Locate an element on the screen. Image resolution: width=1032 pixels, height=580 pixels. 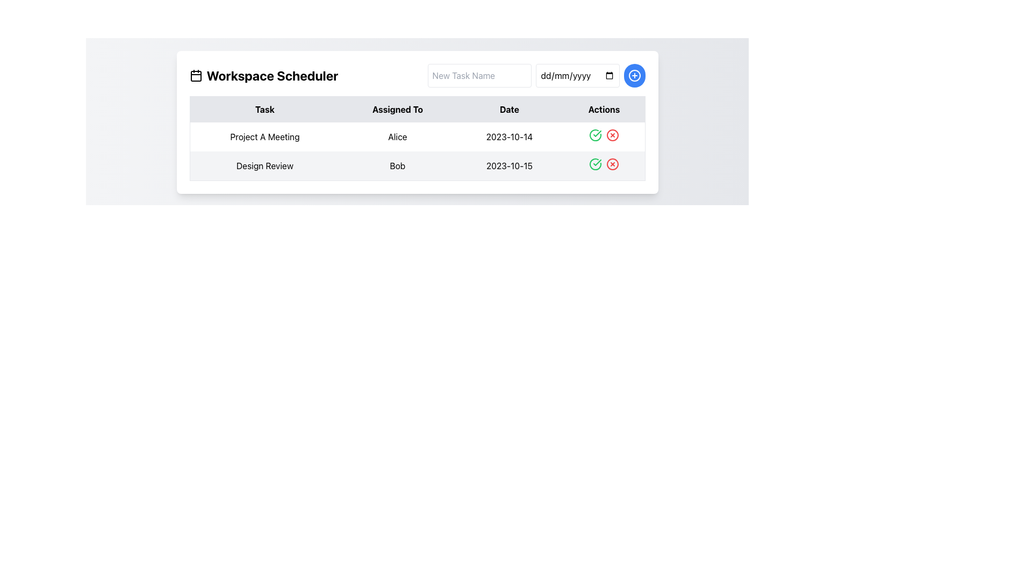
text of the Table Header Cell indicating the assignee of tasks, located as the second entry from the left in the header row of the table is located at coordinates (397, 109).